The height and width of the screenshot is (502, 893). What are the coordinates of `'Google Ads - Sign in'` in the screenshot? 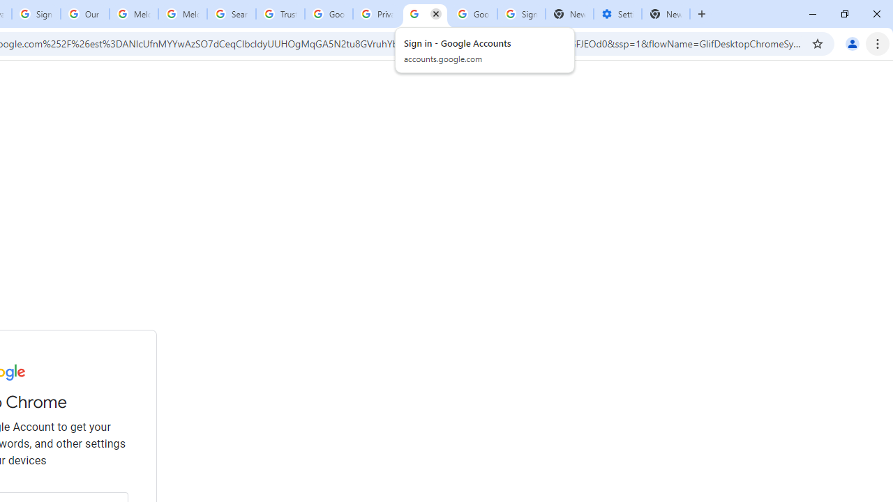 It's located at (328, 14).